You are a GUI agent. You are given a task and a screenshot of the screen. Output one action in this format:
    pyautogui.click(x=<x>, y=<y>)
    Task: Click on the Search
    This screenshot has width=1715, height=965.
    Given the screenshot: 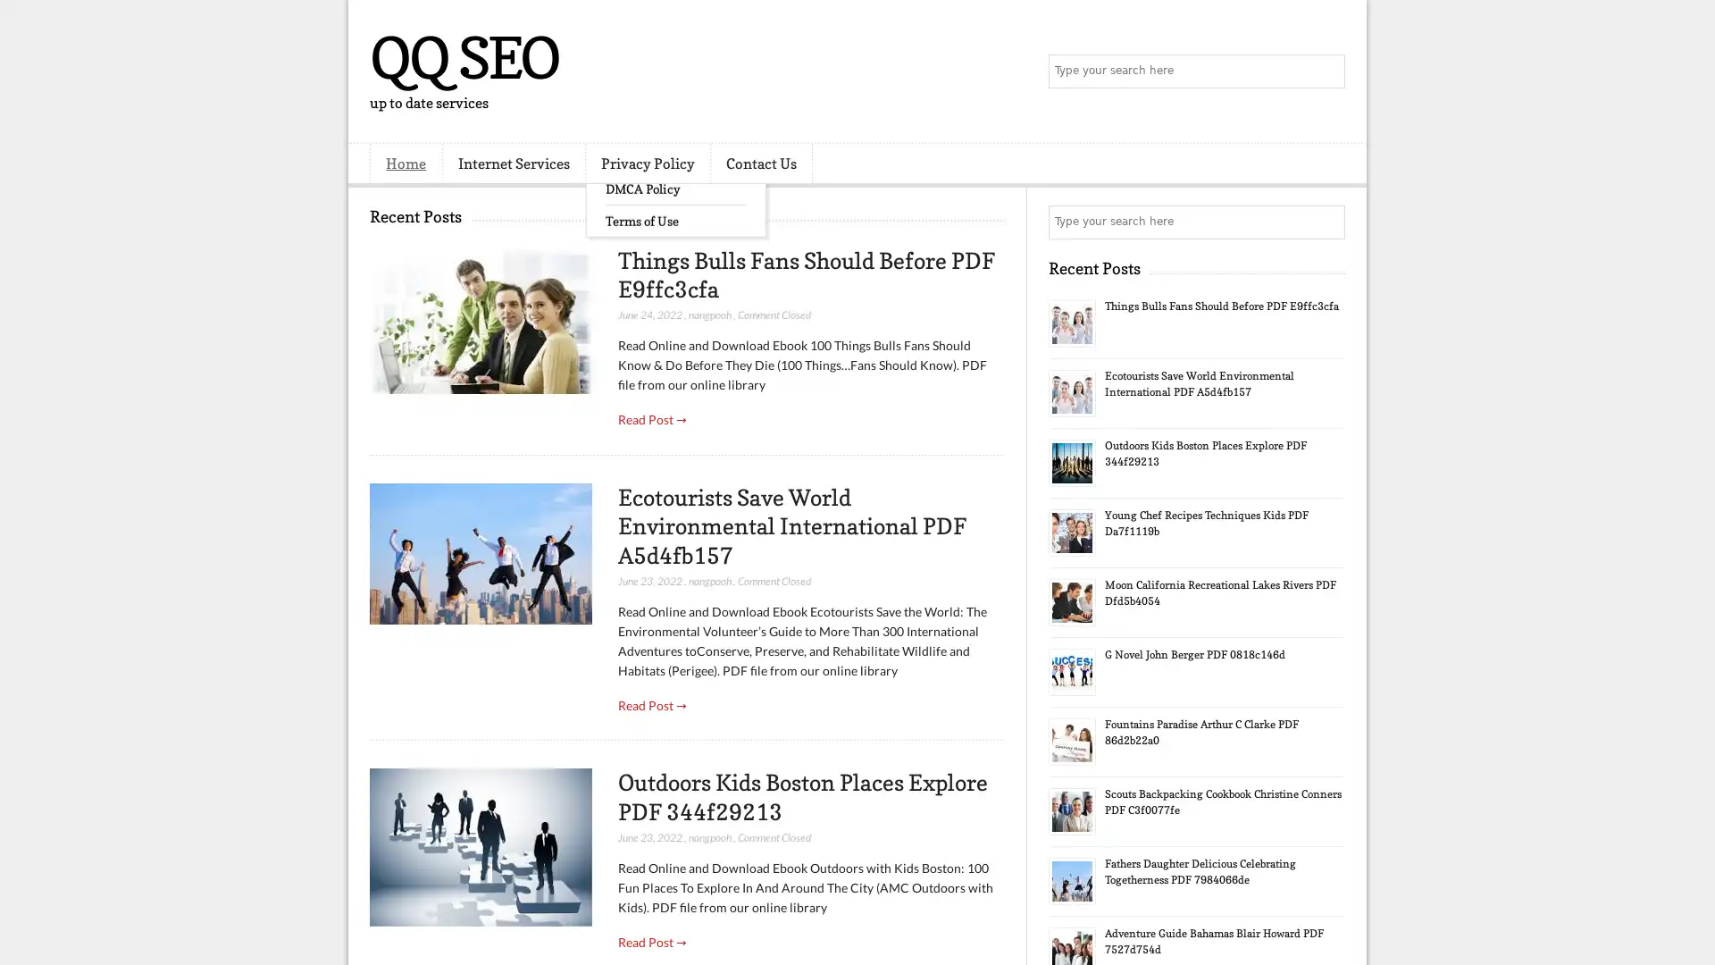 What is the action you would take?
    pyautogui.click(x=1326, y=222)
    